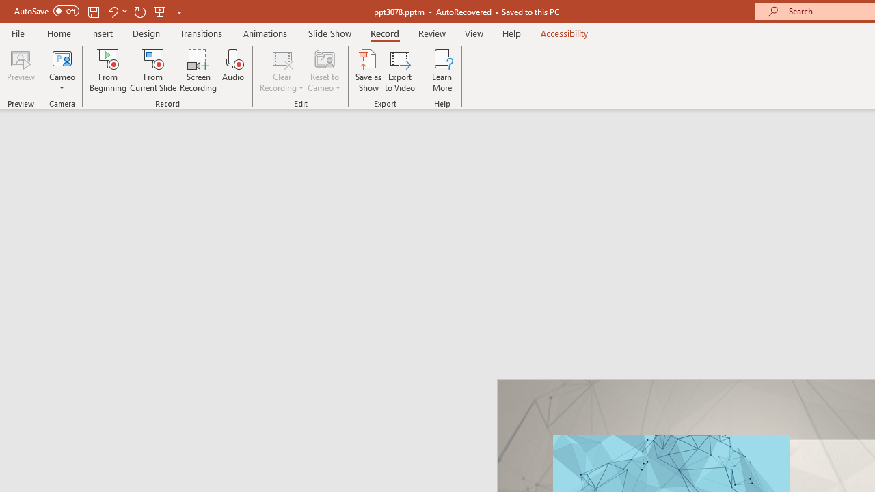  Describe the element at coordinates (21, 70) in the screenshot. I see `'Preview'` at that location.